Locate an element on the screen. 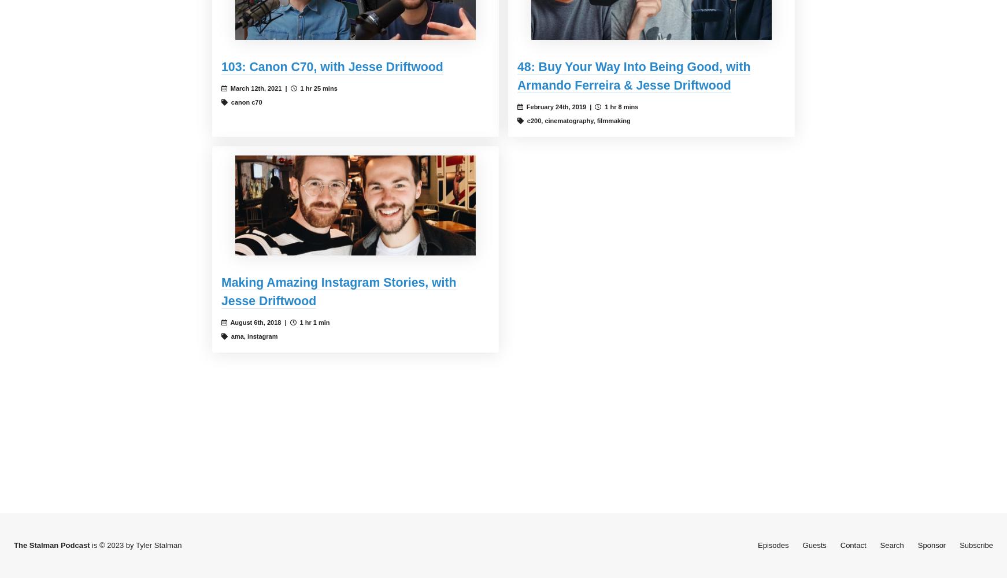 The width and height of the screenshot is (1007, 578). '1 hr 1 min' is located at coordinates (313, 323).